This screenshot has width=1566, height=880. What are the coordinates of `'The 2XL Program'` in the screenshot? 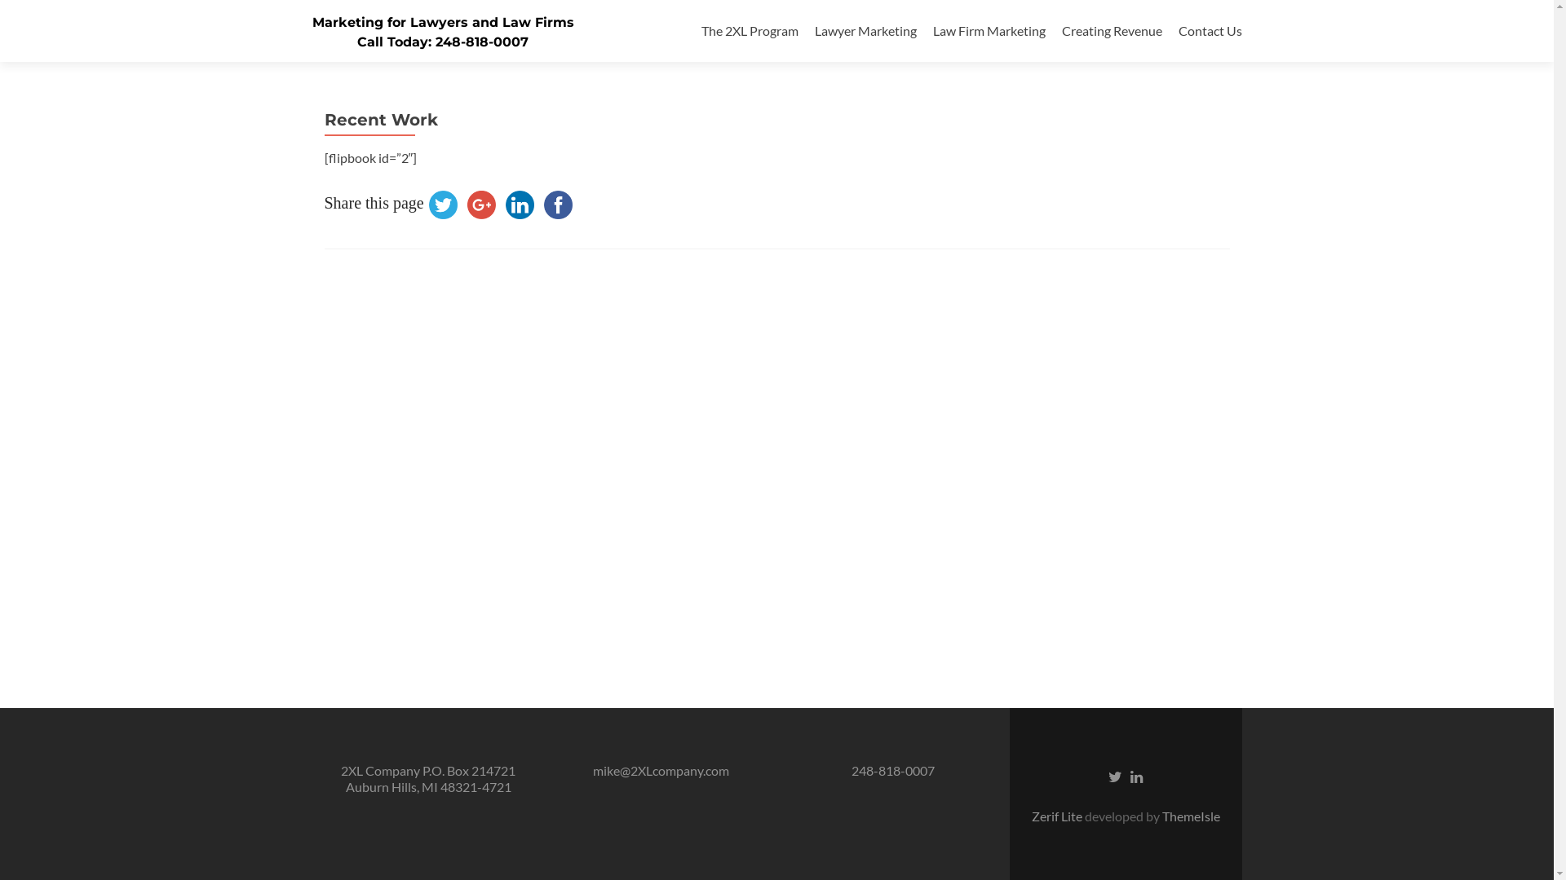 It's located at (749, 30).